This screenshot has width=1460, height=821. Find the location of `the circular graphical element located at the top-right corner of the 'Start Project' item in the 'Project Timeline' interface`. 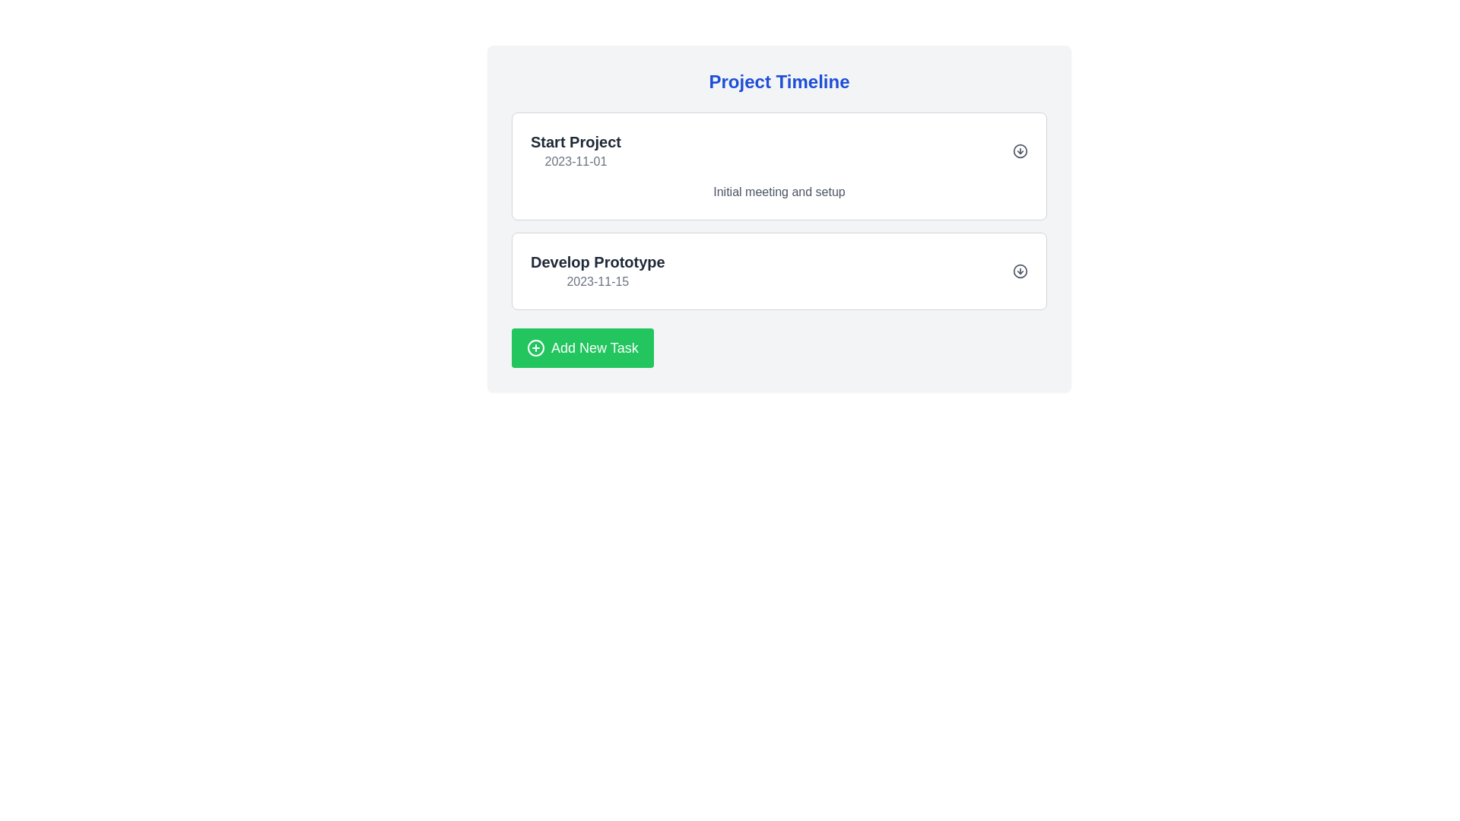

the circular graphical element located at the top-right corner of the 'Start Project' item in the 'Project Timeline' interface is located at coordinates (1020, 151).